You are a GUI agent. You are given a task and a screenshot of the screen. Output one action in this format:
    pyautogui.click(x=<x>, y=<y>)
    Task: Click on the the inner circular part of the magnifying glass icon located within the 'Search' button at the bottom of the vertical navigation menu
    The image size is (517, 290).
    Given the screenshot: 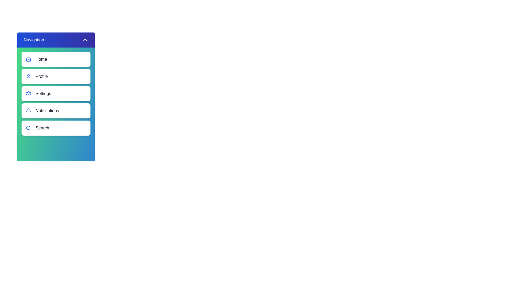 What is the action you would take?
    pyautogui.click(x=28, y=128)
    